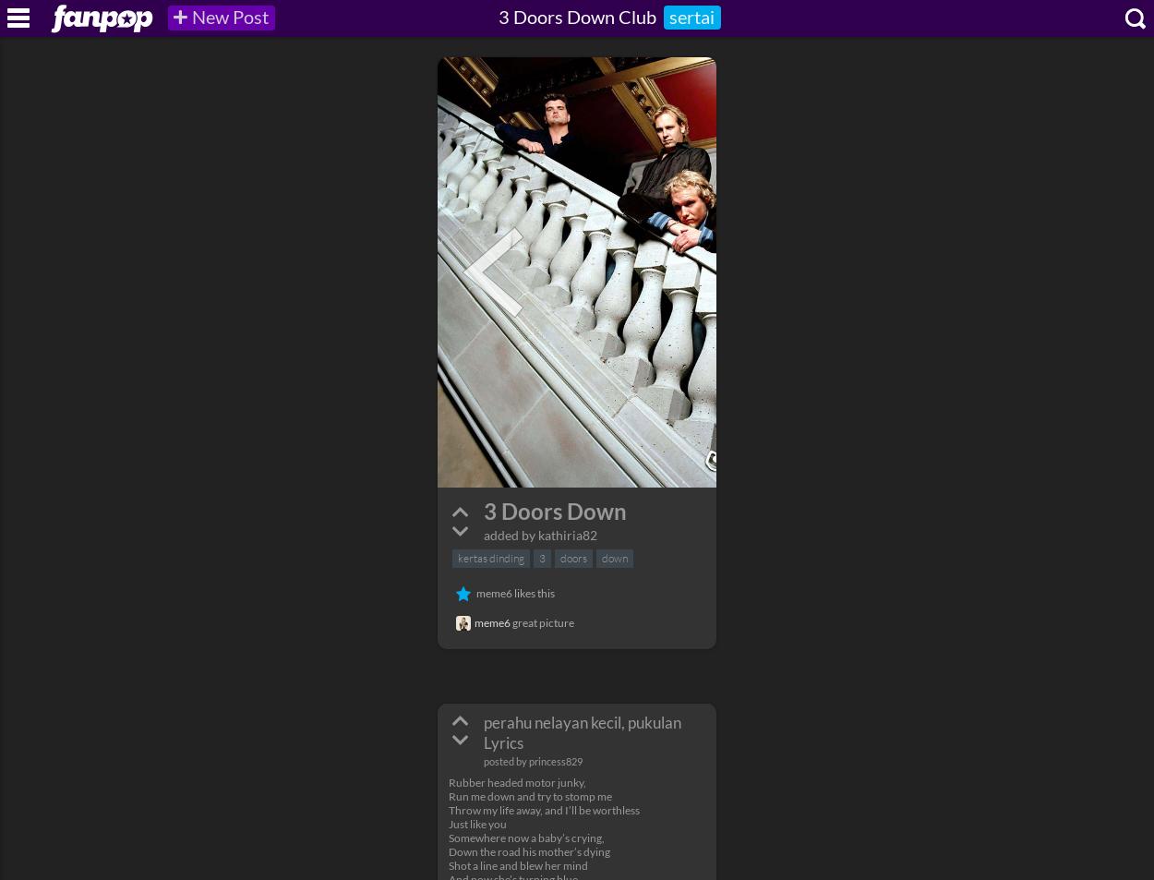 This screenshot has width=1154, height=880. Describe the element at coordinates (541, 621) in the screenshot. I see `'great picture'` at that location.